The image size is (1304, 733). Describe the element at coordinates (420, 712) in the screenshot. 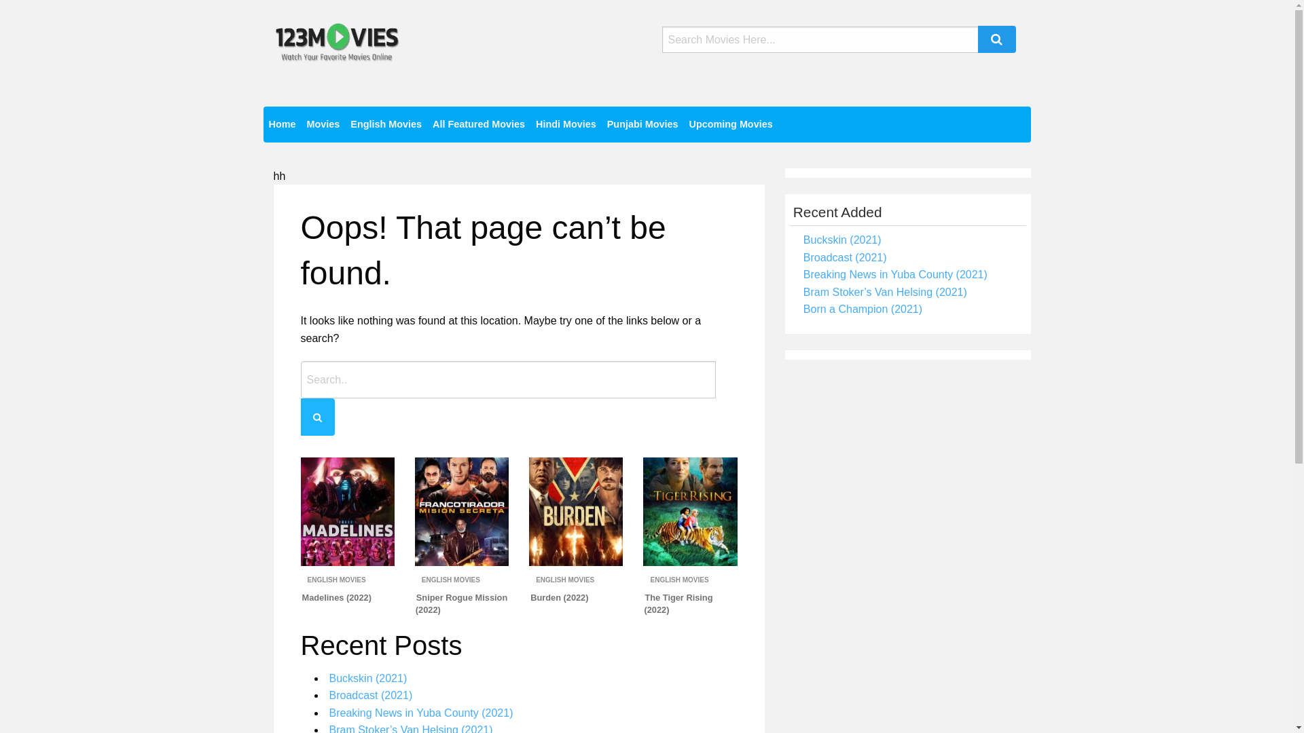

I see `'Breaking News in Yuba County (2021)'` at that location.